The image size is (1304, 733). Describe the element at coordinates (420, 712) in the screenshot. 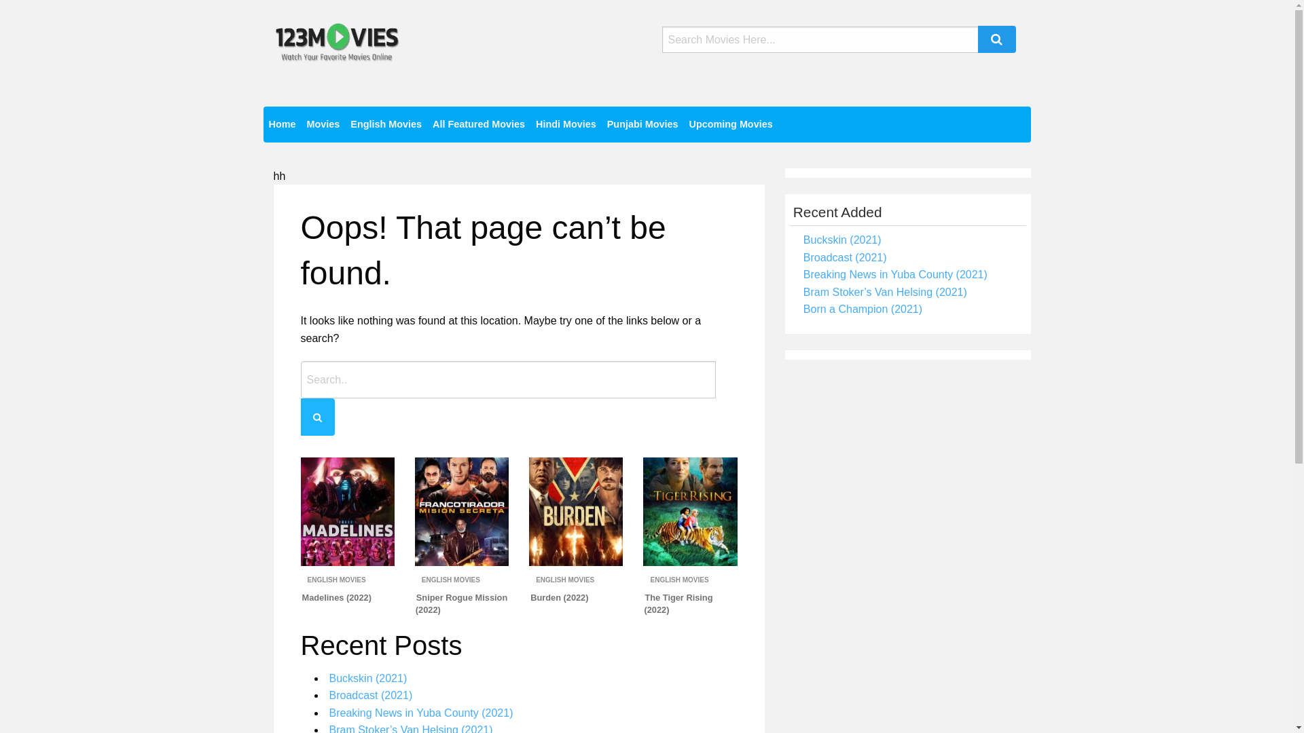

I see `'Breaking News in Yuba County (2021)'` at that location.